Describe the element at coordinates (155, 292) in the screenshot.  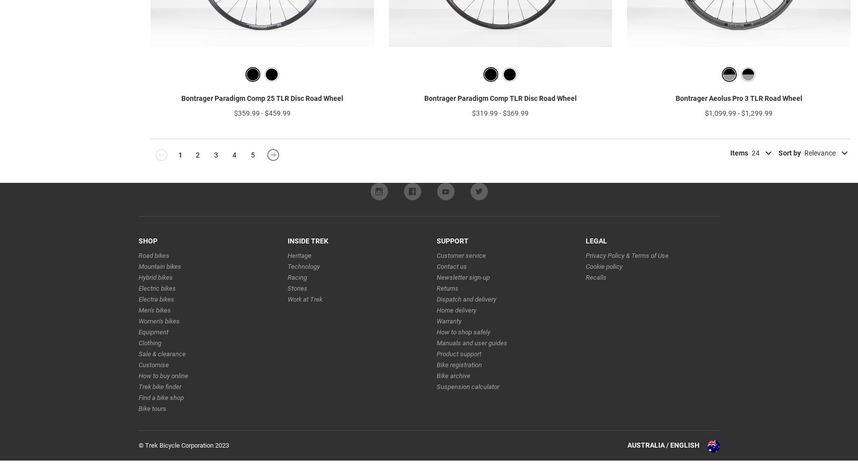
I see `'Hybrid bikes'` at that location.